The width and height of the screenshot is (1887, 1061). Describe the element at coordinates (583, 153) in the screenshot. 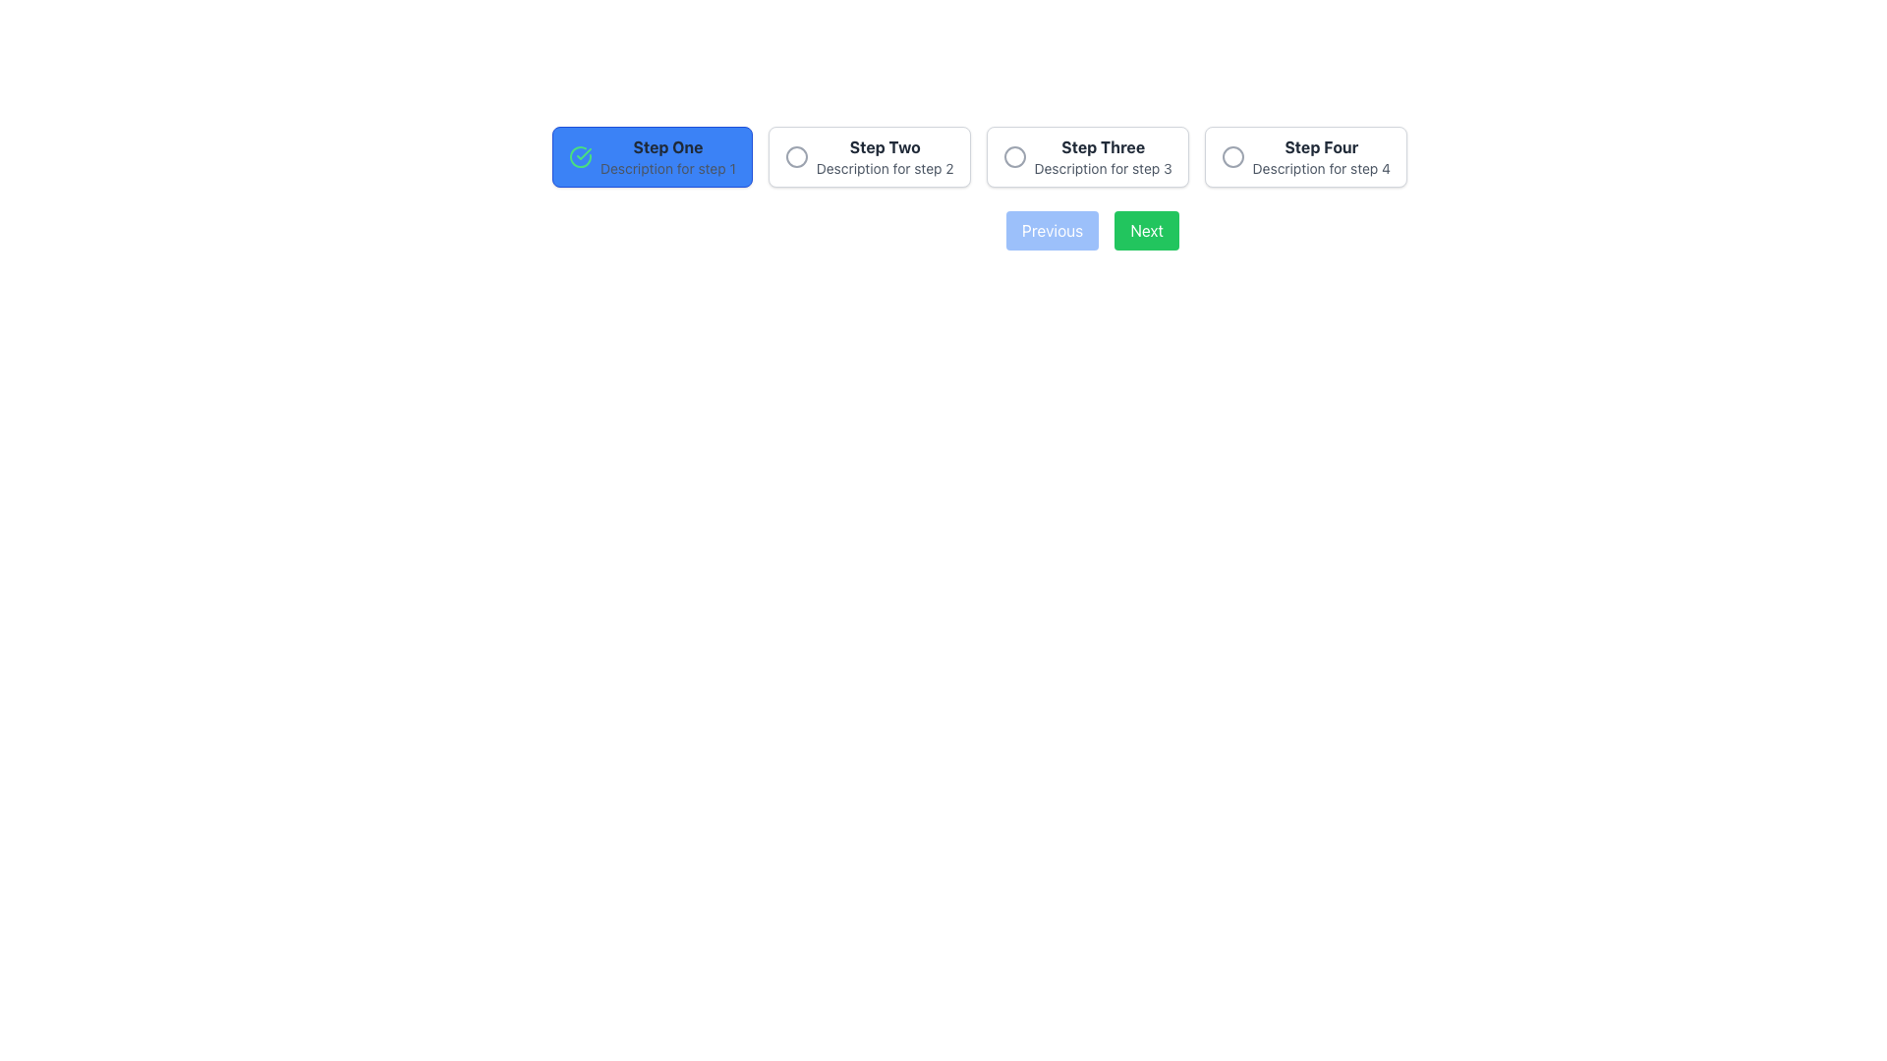

I see `the green checkmark icon located inside the circular structure to the left of the label 'Step One' in the stepper component` at that location.